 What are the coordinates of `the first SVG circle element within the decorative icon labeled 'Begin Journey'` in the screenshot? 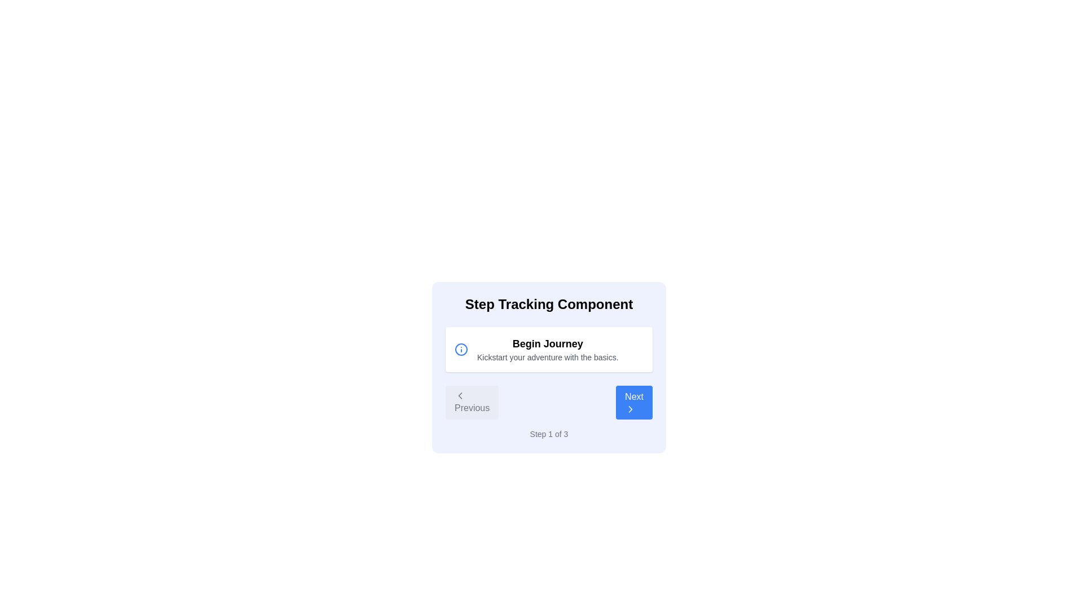 It's located at (461, 349).